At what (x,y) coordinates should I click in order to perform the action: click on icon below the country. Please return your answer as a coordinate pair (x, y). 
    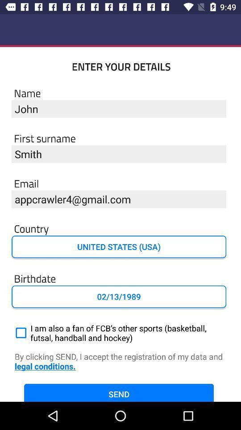
    Looking at the image, I should click on (119, 247).